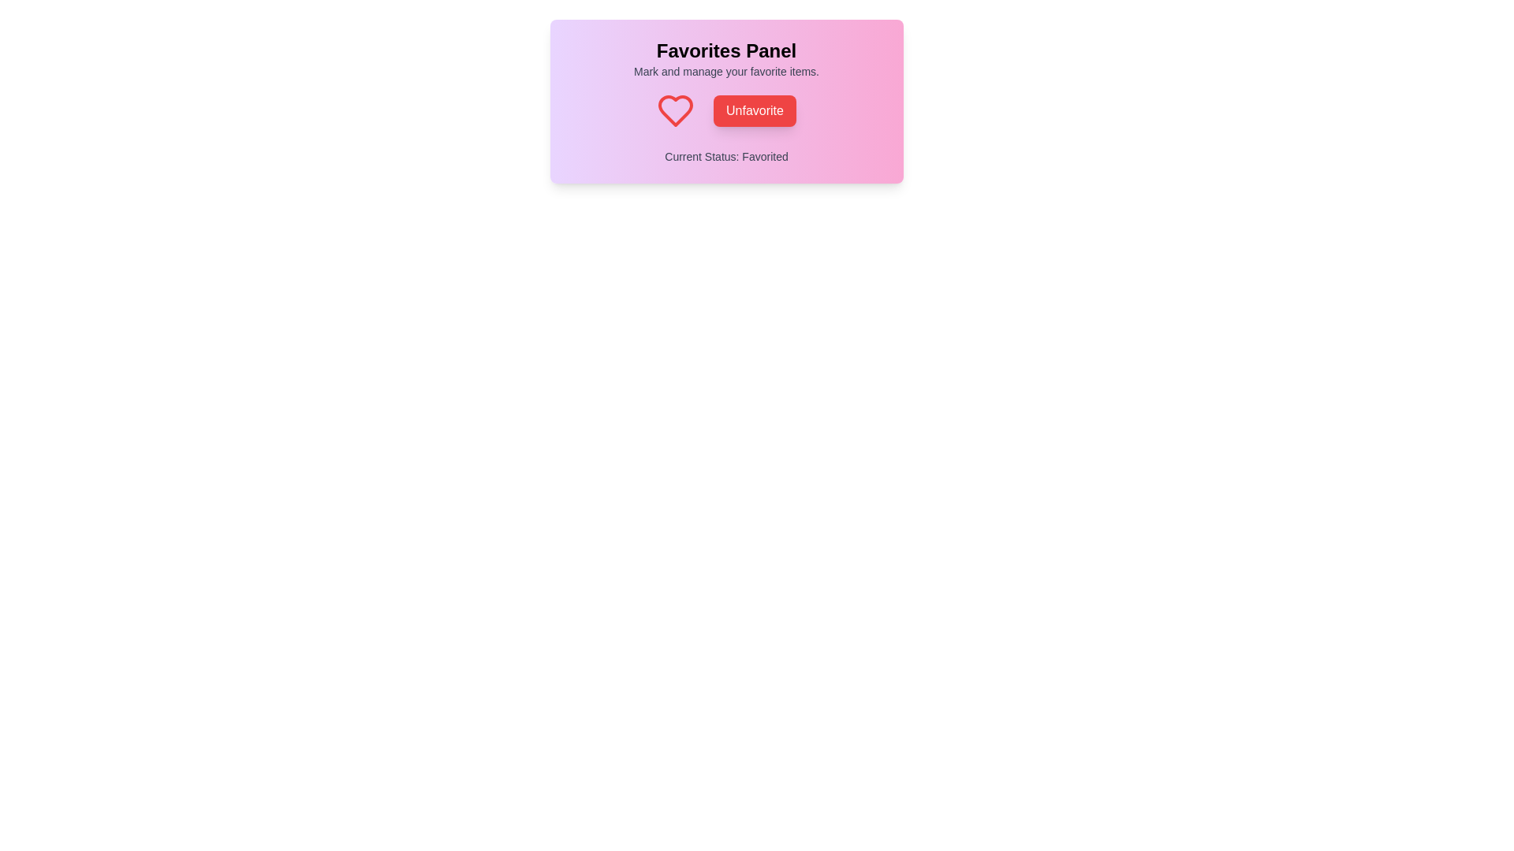 Image resolution: width=1514 pixels, height=851 pixels. What do you see at coordinates (754, 110) in the screenshot?
I see `the 'Unfavorite' button to toggle the favorite state` at bounding box center [754, 110].